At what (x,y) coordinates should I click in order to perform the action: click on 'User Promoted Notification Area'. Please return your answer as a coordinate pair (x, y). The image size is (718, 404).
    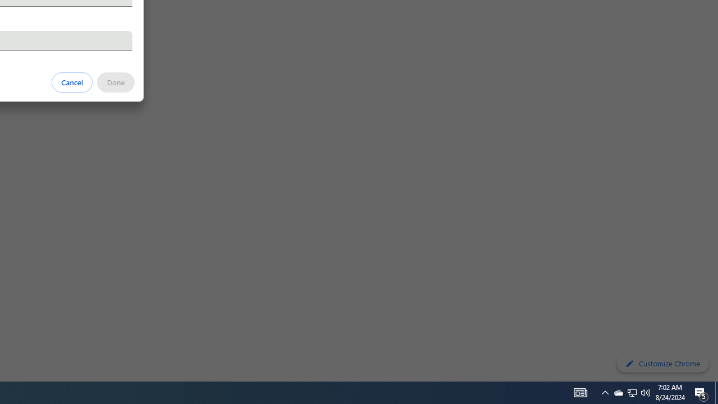
    Looking at the image, I should click on (632, 392).